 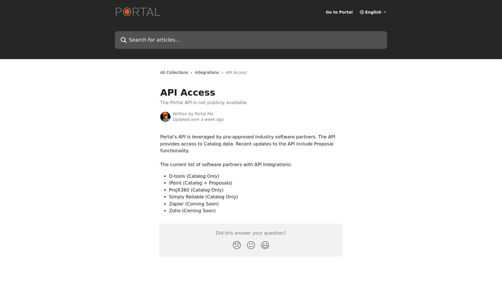 I want to click on 'Did this answer your question?', so click(x=216, y=232).